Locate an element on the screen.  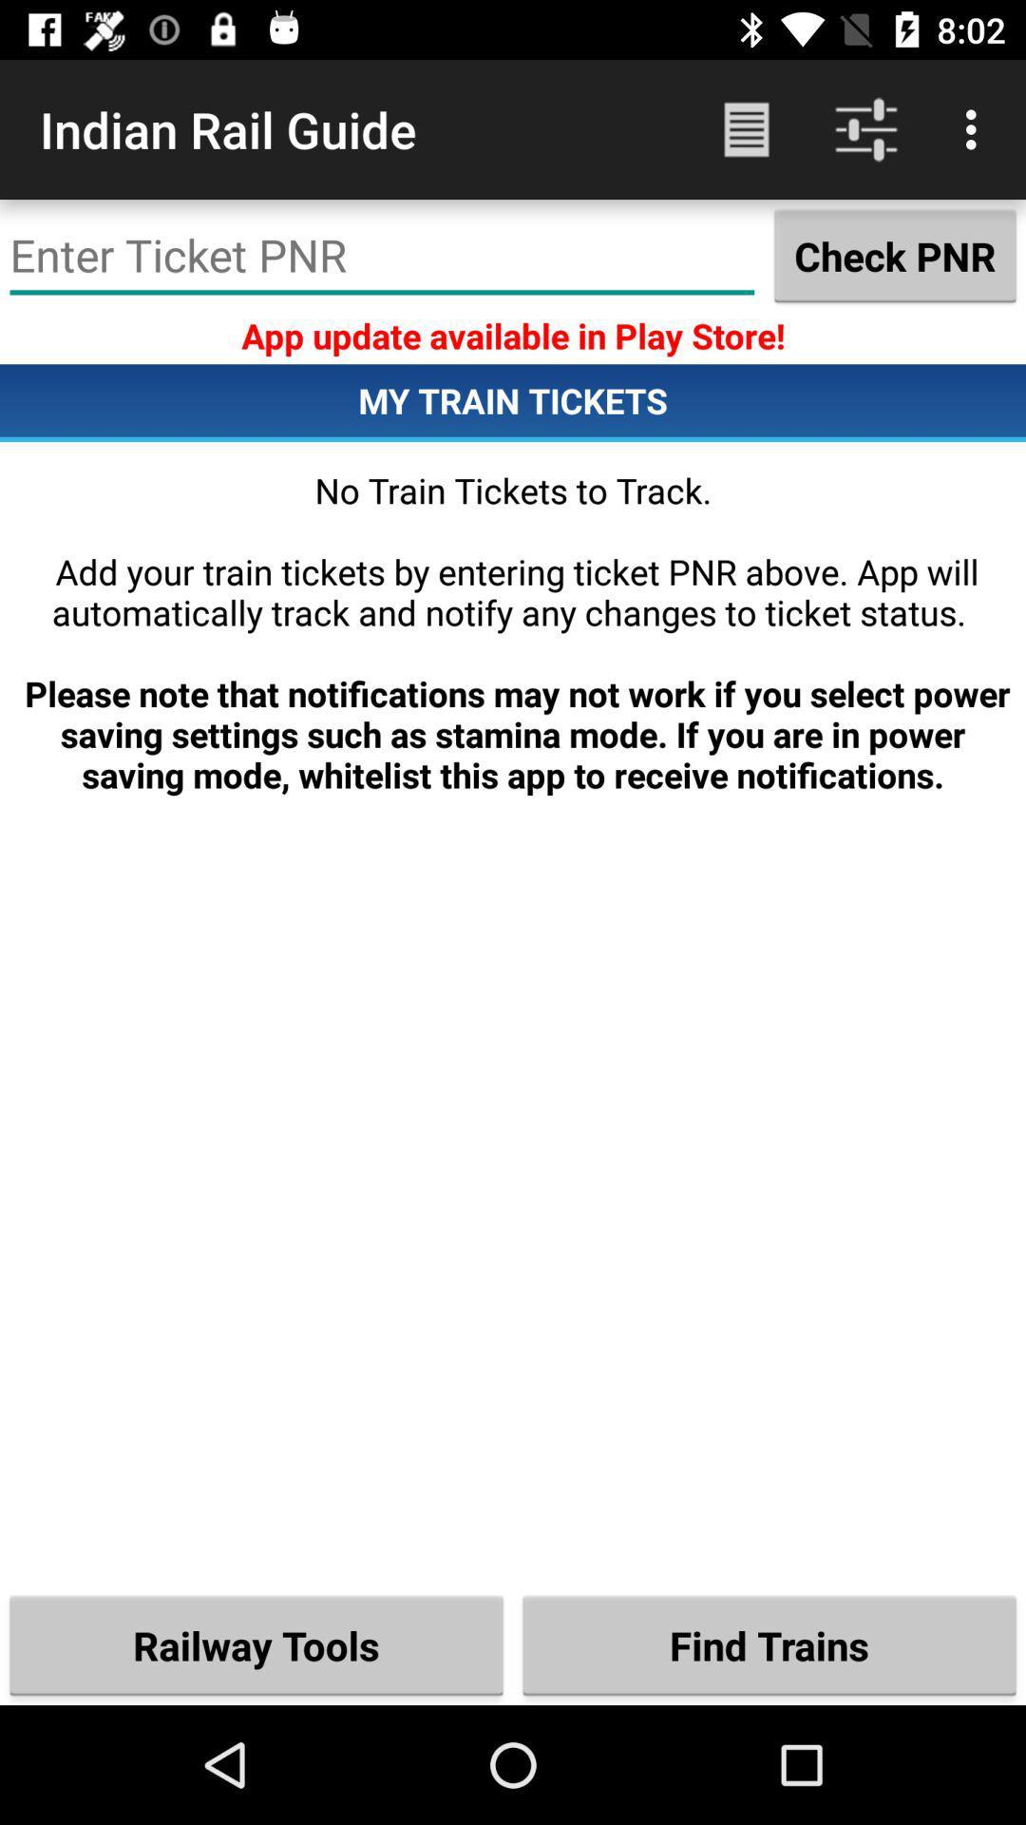
the find trains is located at coordinates (769, 1644).